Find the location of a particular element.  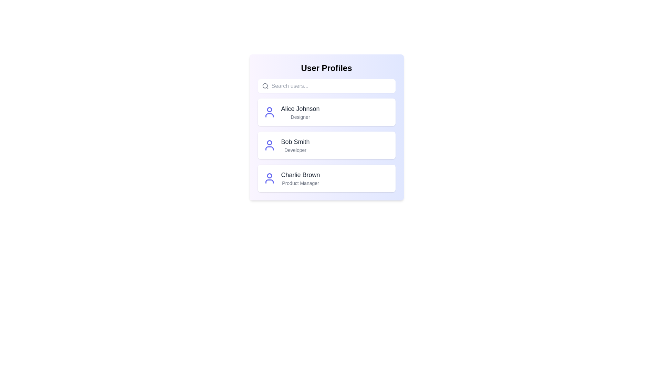

the user profile of Charlie Brown to focus on it is located at coordinates (326, 178).